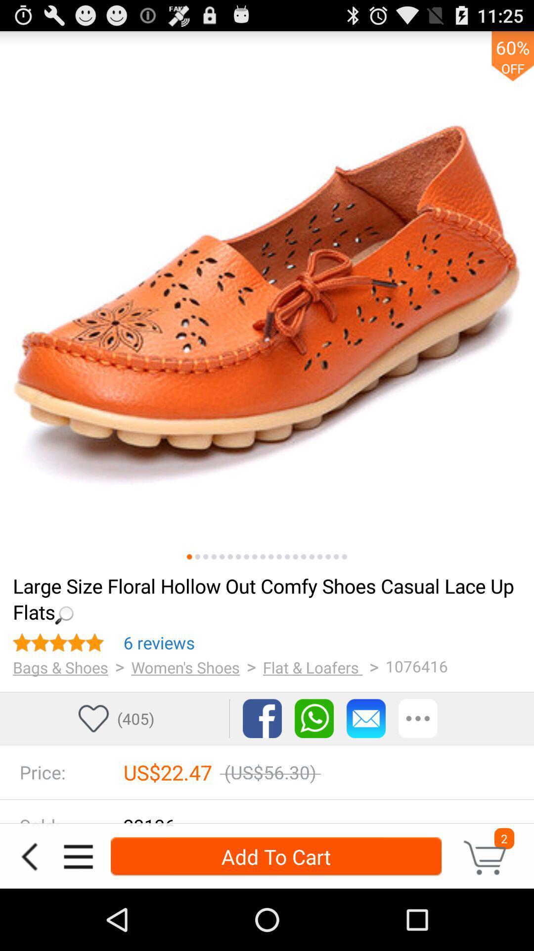  What do you see at coordinates (314, 718) in the screenshot?
I see `share article on whatsapp` at bounding box center [314, 718].